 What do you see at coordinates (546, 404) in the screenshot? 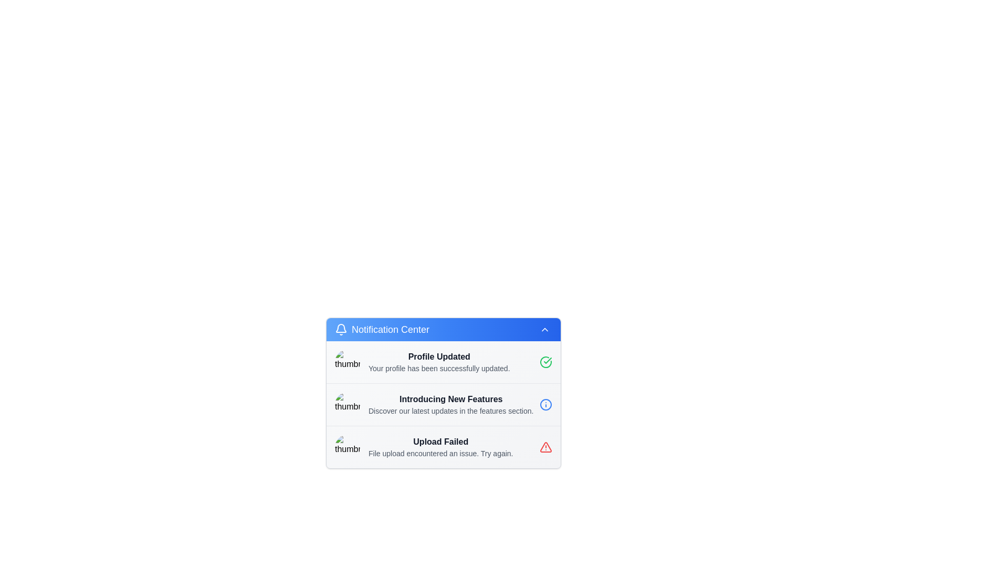
I see `the Circle SVG element that indicates status or additional information within the notification list` at bounding box center [546, 404].